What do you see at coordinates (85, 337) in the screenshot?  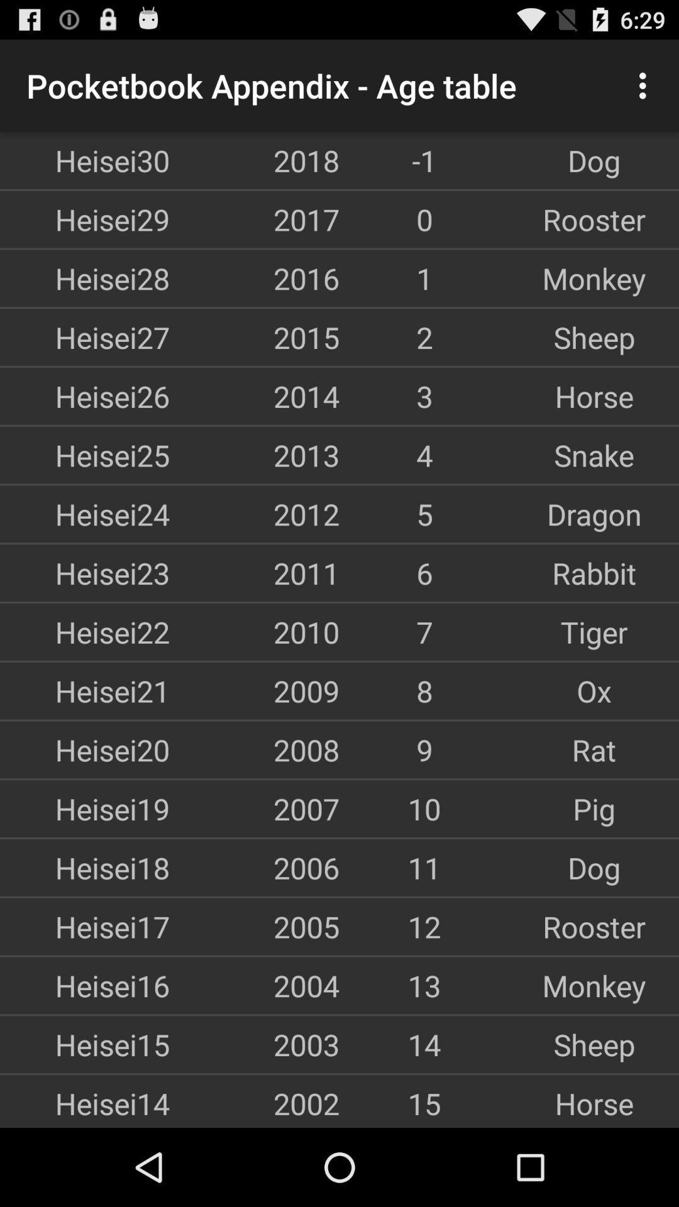 I see `app below heisei28 item` at bounding box center [85, 337].